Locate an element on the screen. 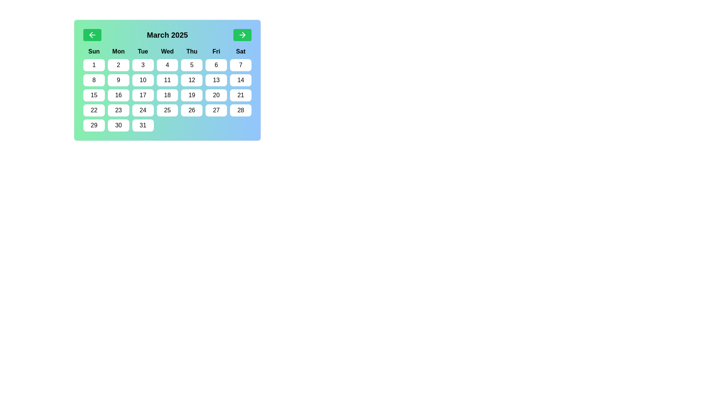 The image size is (724, 407). the 'Mon' text label displayed in bold, black font on a light green background, which is the second weekday label in the calendar interface is located at coordinates (118, 51).